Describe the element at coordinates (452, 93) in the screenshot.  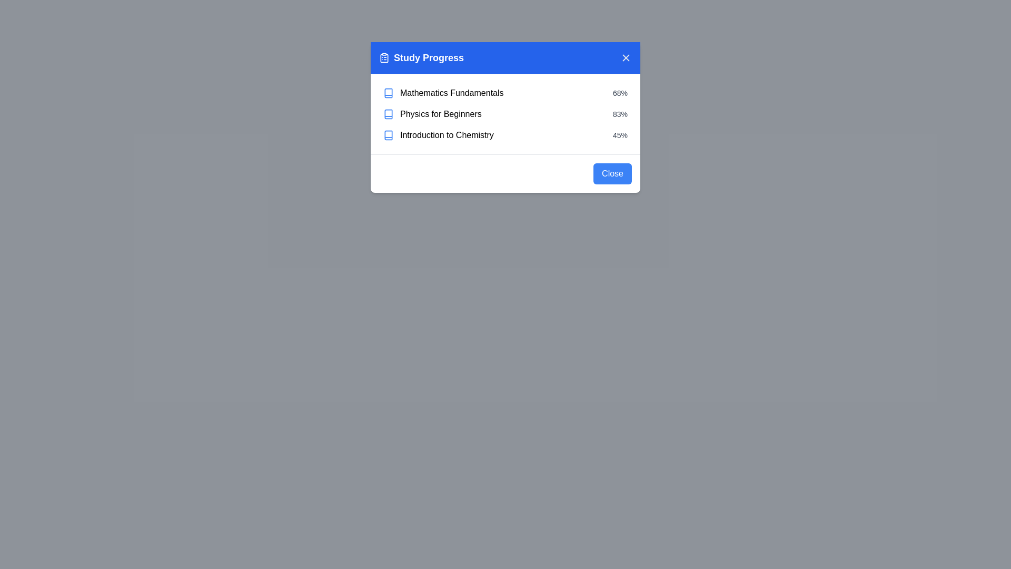
I see `the text label 'Mathematics Fundamentals' to select it, which is positioned` at that location.